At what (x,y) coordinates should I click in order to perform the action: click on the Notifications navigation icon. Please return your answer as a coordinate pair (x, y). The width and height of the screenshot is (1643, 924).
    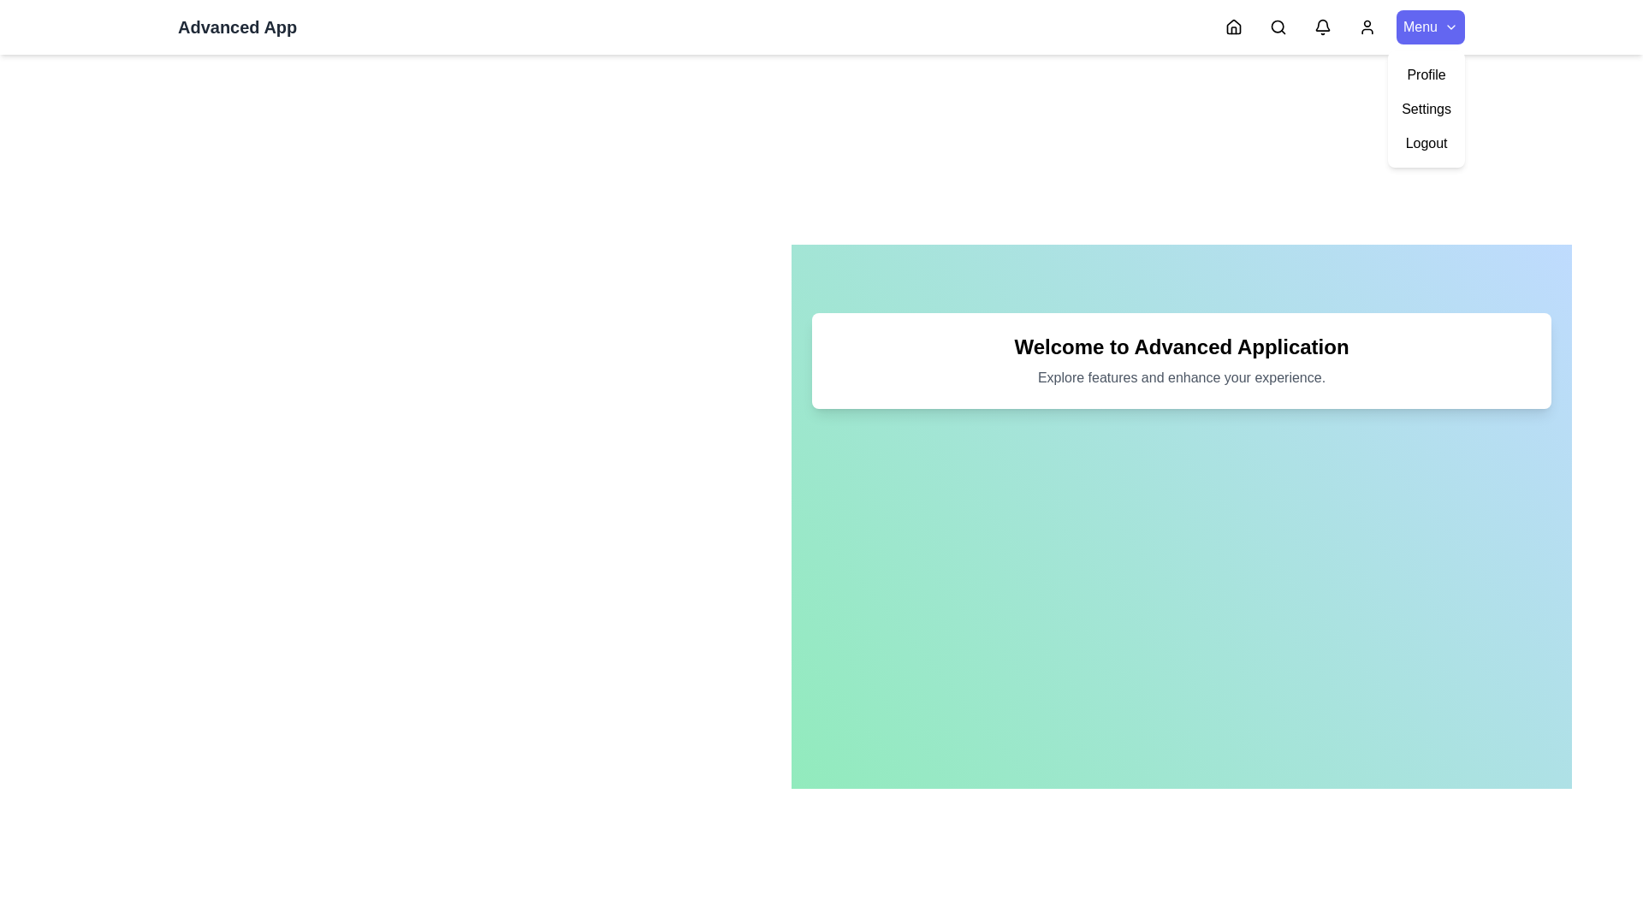
    Looking at the image, I should click on (1321, 27).